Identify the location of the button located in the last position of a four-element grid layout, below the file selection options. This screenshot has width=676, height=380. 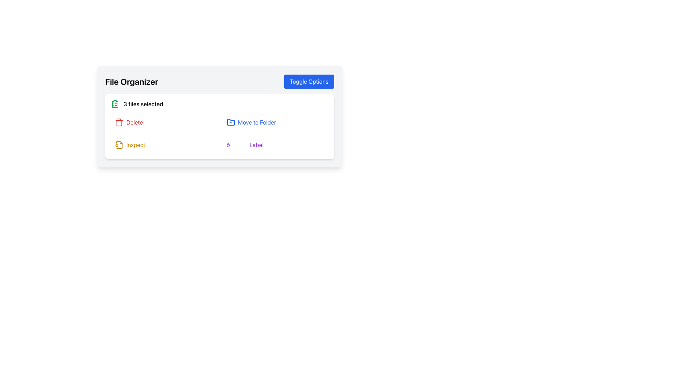
(275, 145).